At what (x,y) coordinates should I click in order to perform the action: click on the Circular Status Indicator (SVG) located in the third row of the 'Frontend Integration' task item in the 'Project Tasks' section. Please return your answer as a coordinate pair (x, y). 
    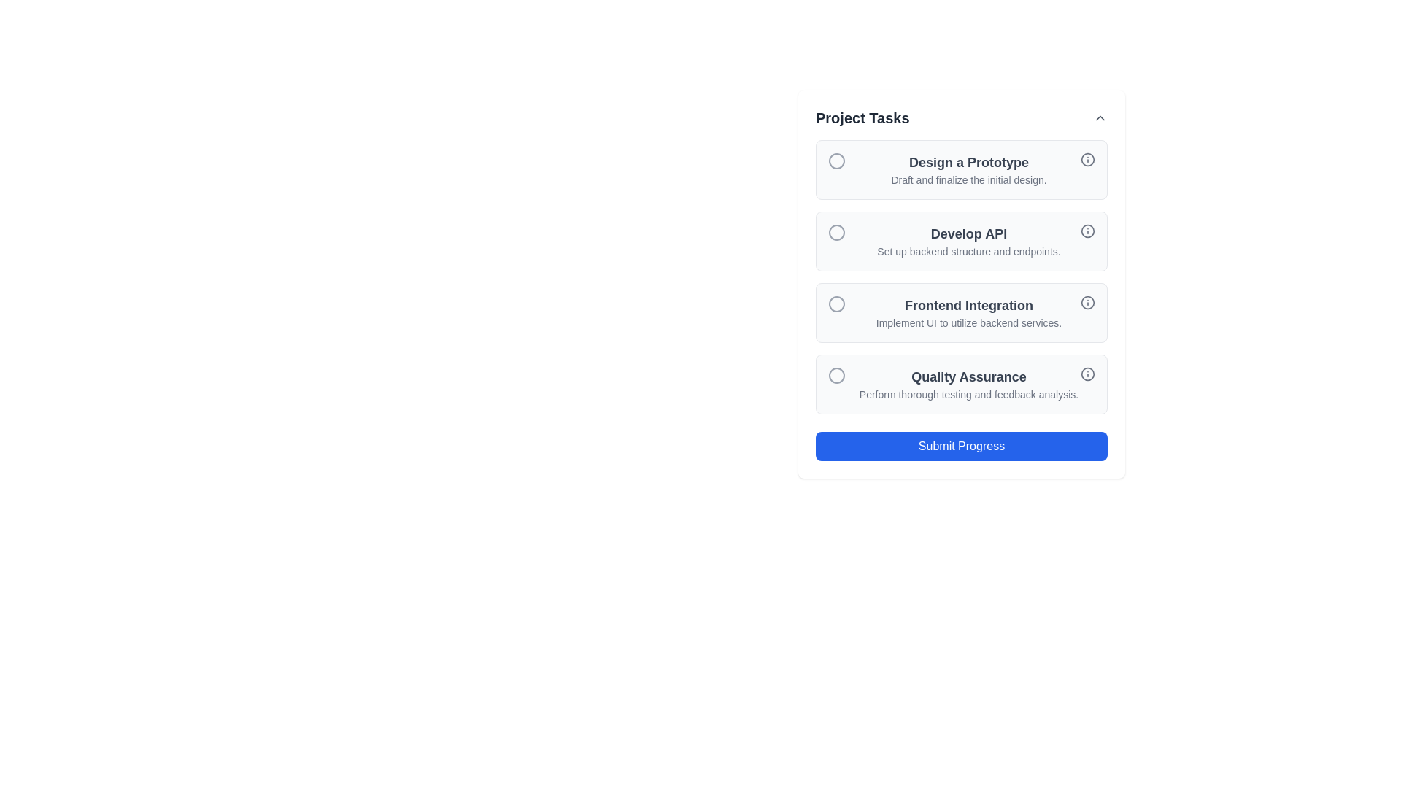
    Looking at the image, I should click on (837, 303).